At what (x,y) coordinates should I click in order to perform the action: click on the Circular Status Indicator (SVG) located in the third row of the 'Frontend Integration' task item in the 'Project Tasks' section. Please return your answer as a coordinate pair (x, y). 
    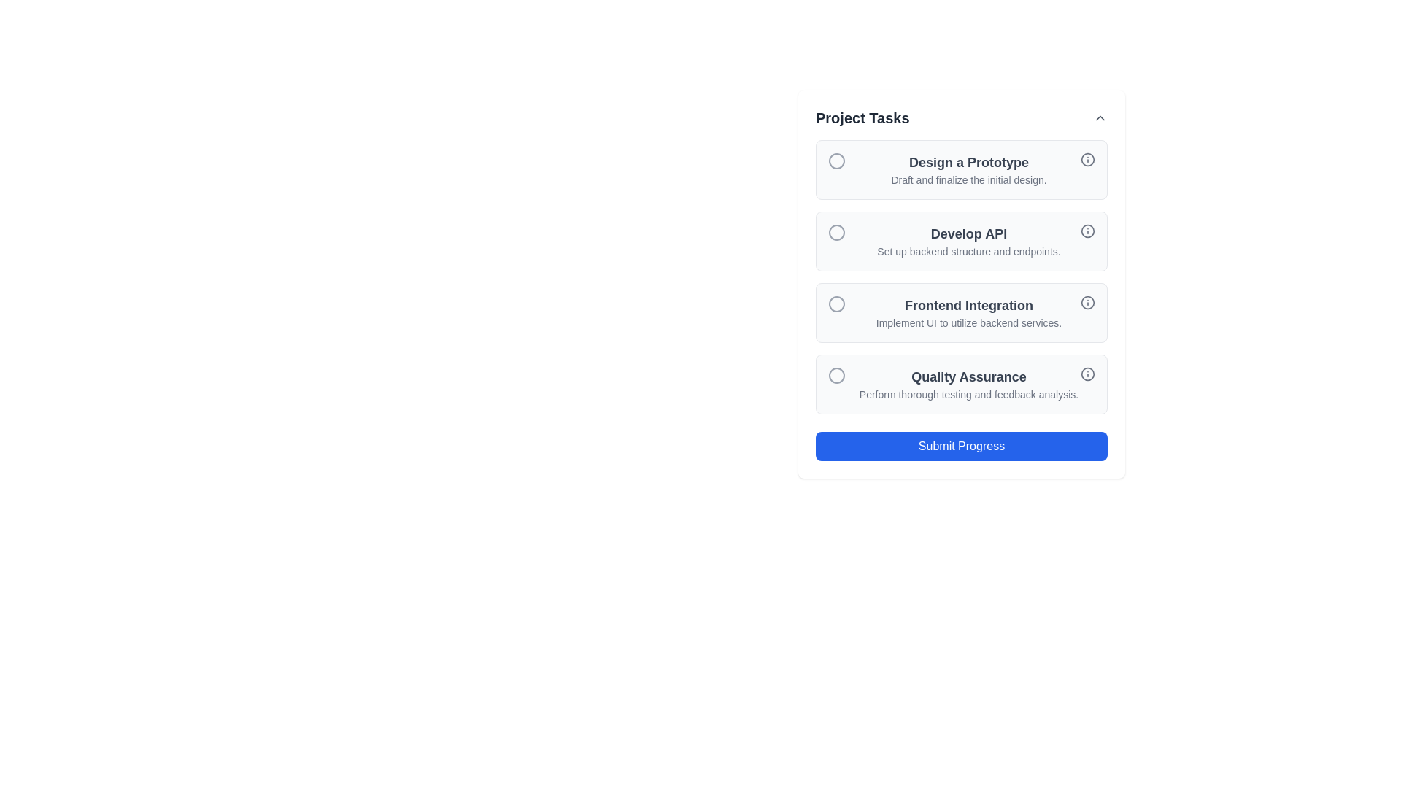
    Looking at the image, I should click on (837, 303).